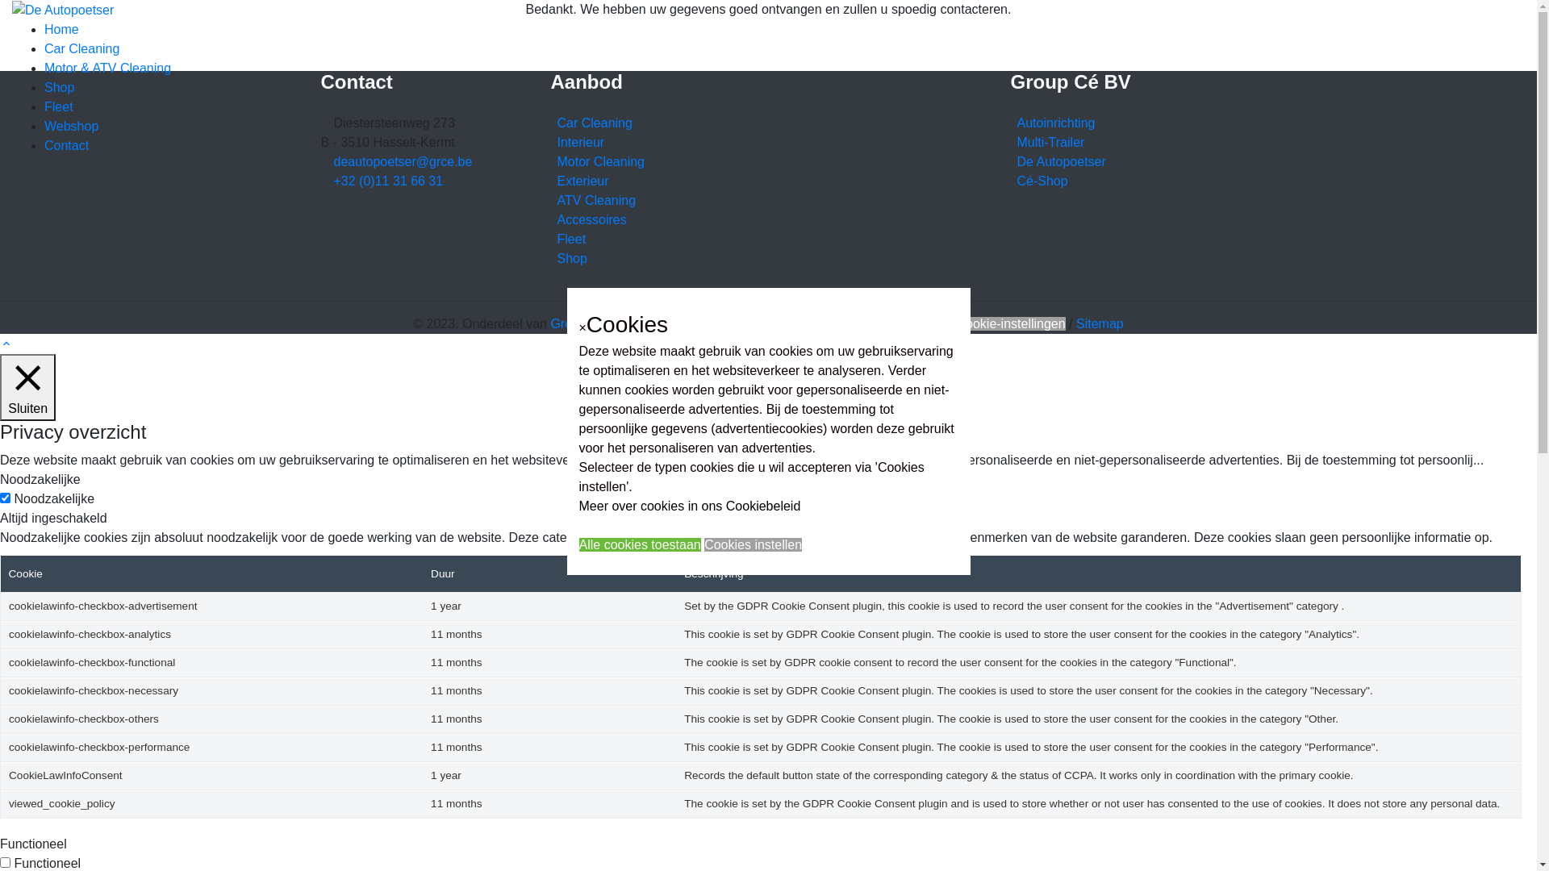 The height and width of the screenshot is (871, 1549). What do you see at coordinates (388, 181) in the screenshot?
I see `'+32 (0)11 31 66 31'` at bounding box center [388, 181].